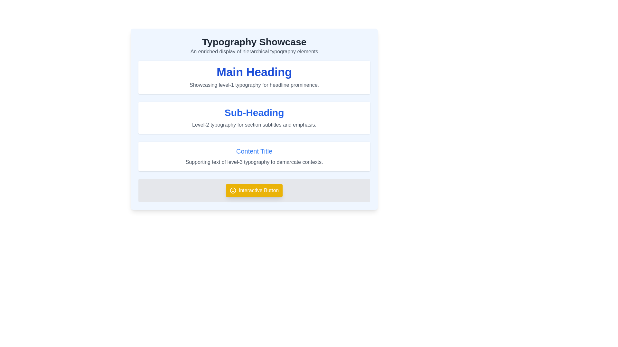 This screenshot has height=347, width=618. What do you see at coordinates (254, 51) in the screenshot?
I see `text label that displays 'An enriched display of hierarchical typography elements.' positioned below the heading 'Typography Showcase.'` at bounding box center [254, 51].